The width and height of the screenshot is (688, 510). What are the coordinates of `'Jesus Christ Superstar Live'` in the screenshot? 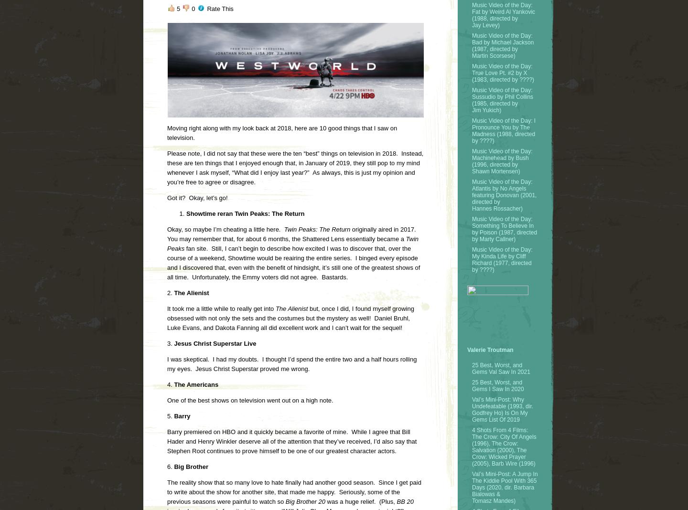 It's located at (172, 343).